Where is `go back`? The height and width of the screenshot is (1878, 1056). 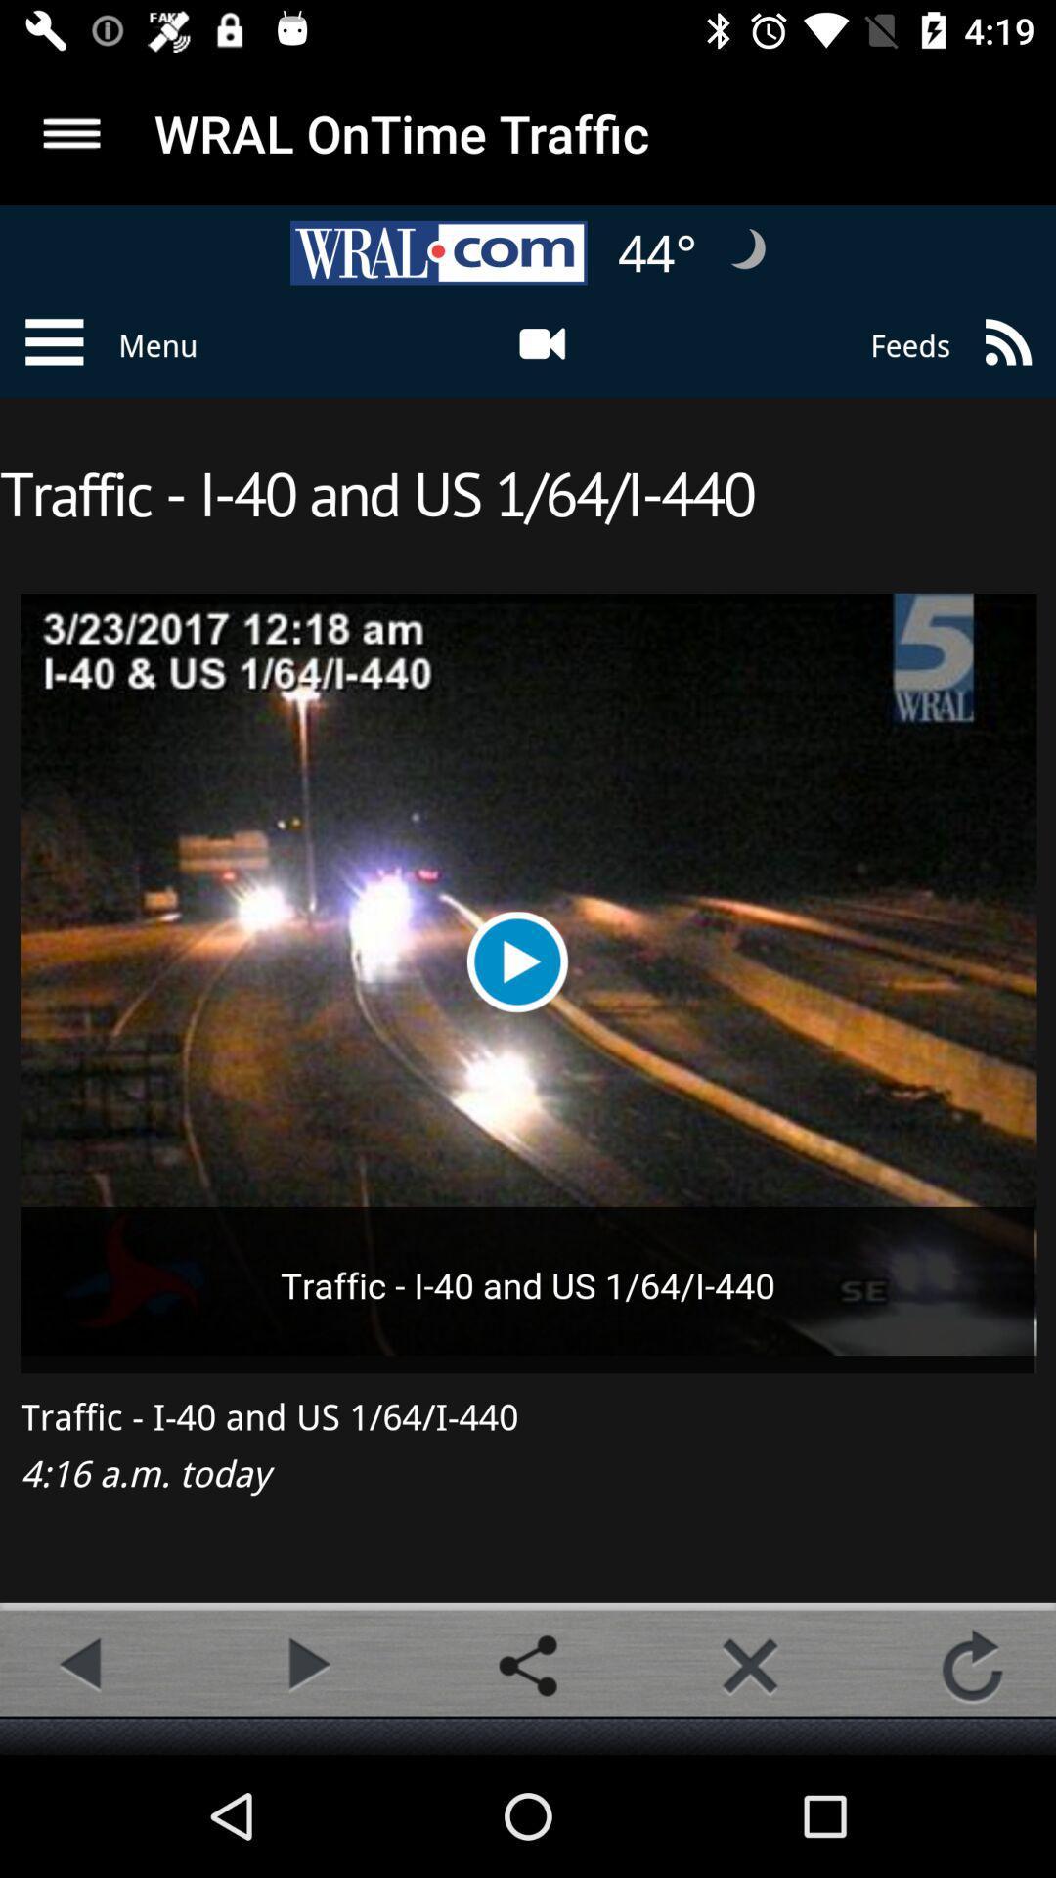 go back is located at coordinates (82, 1665).